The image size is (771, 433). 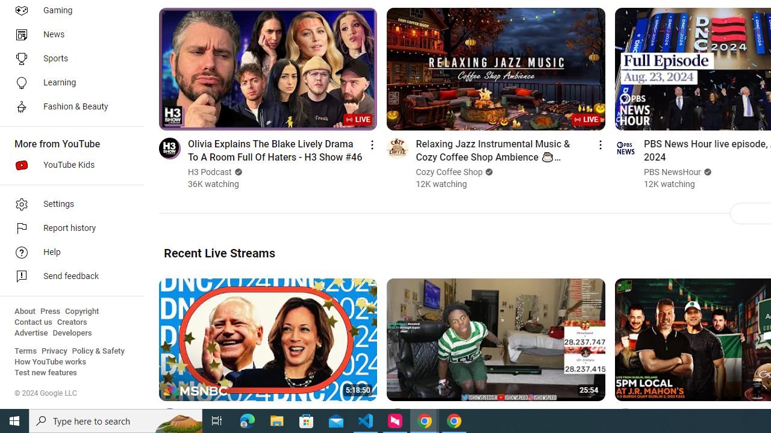 What do you see at coordinates (67, 106) in the screenshot?
I see `'Fashion & Beauty'` at bounding box center [67, 106].